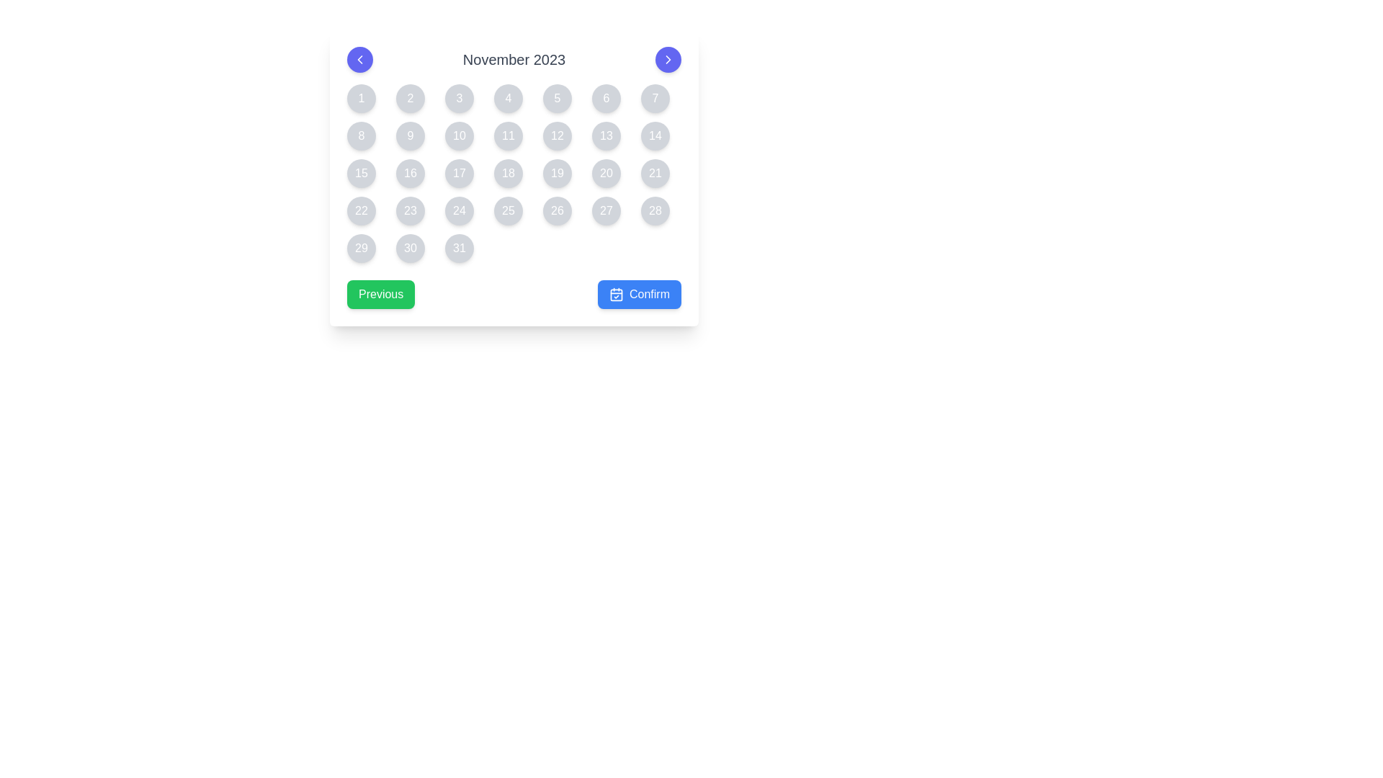 This screenshot has height=778, width=1383. Describe the element at coordinates (556, 98) in the screenshot. I see `the selectable day button located in the top row, fifth column of the calendar interface` at that location.